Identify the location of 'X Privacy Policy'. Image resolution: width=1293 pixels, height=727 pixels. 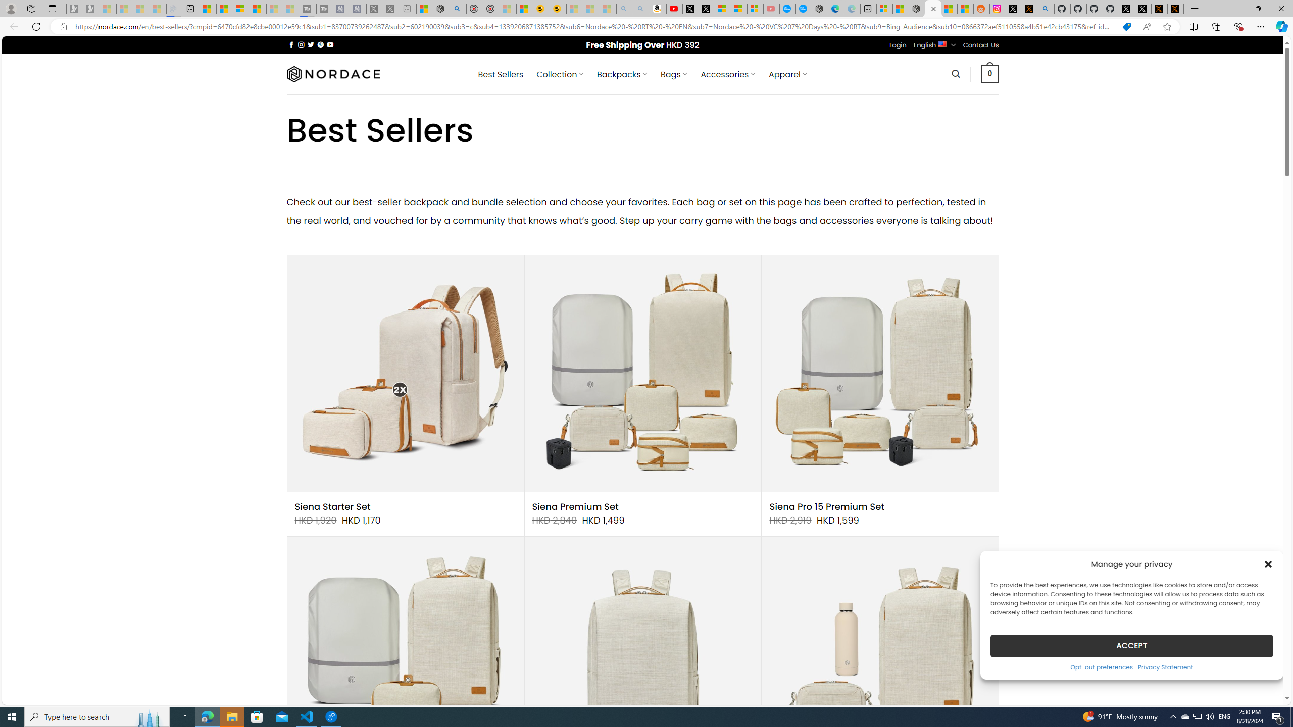
(1175, 8).